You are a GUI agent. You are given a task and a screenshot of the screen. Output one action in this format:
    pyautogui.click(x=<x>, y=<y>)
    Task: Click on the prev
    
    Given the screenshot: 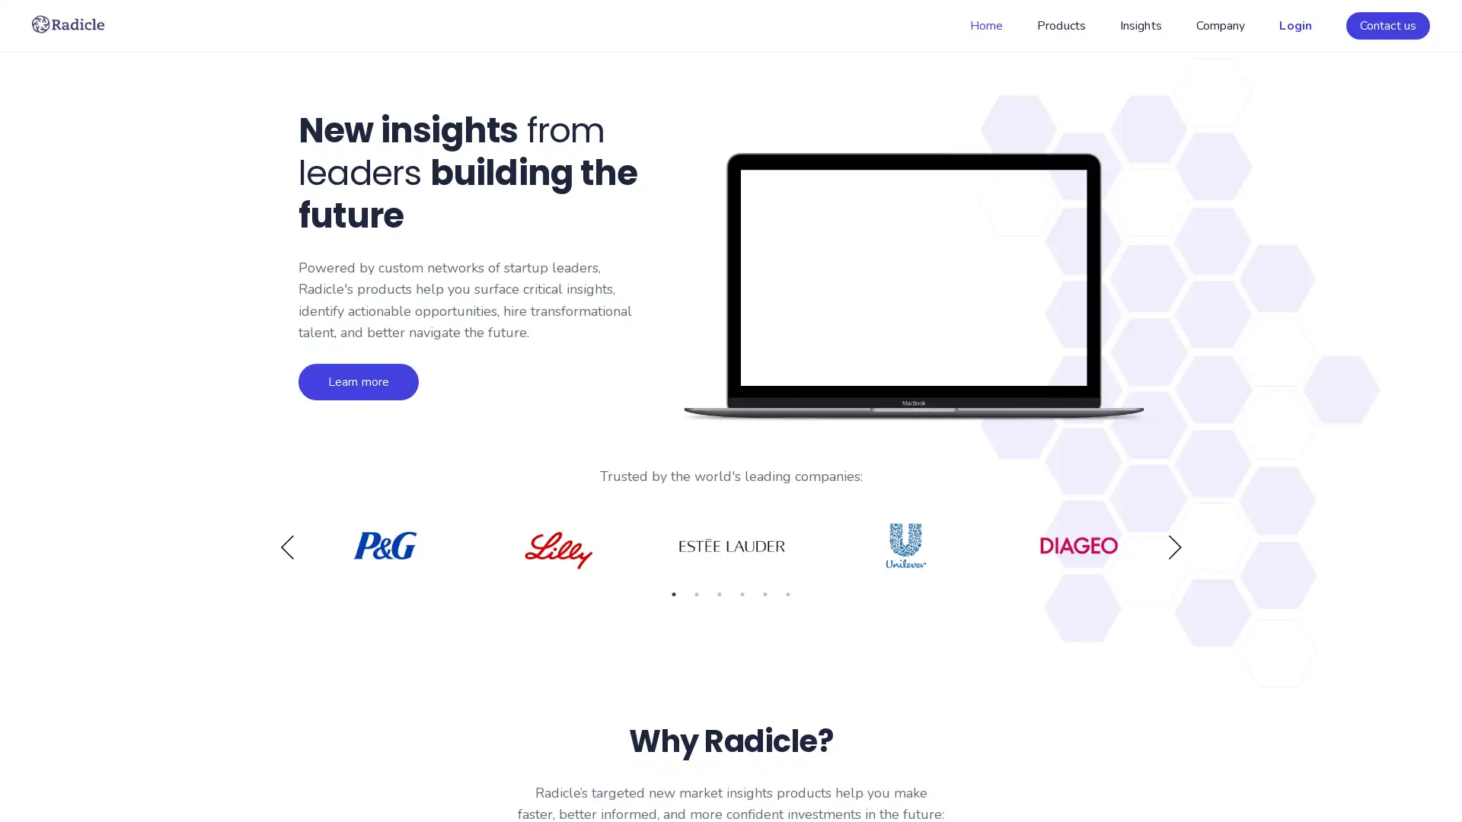 What is the action you would take?
    pyautogui.click(x=287, y=549)
    